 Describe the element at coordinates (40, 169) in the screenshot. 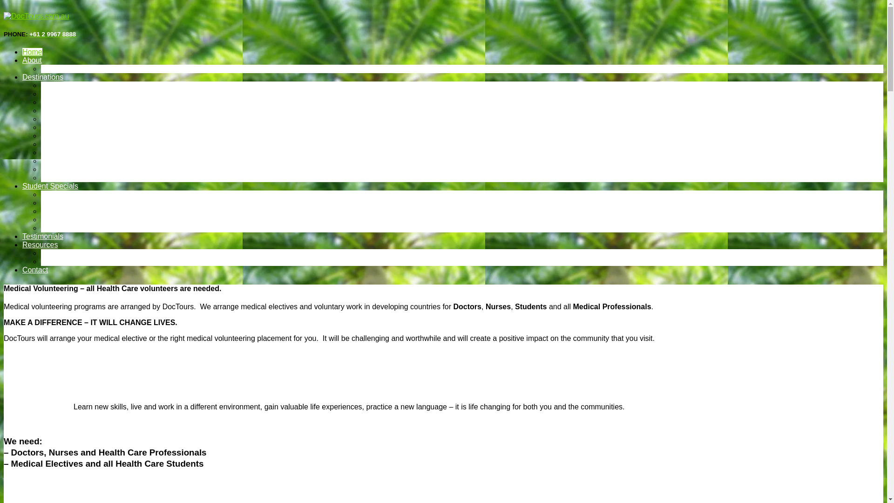

I see `'APPLY NOW'` at that location.